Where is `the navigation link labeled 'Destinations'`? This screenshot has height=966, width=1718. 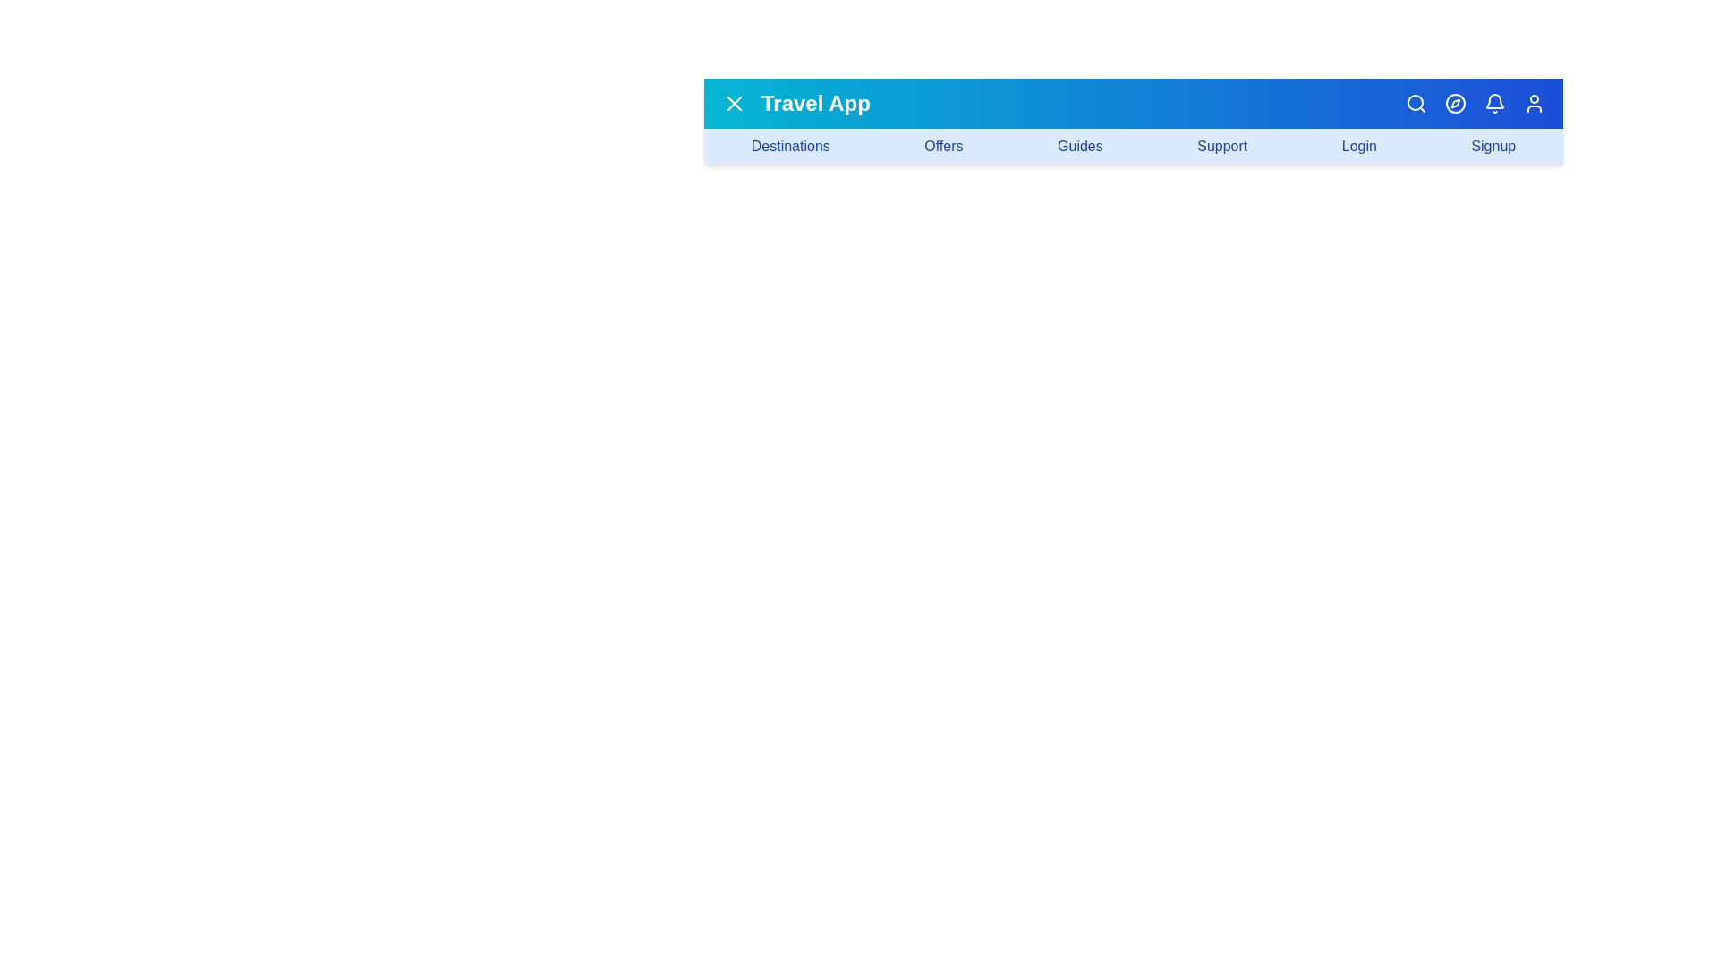 the navigation link labeled 'Destinations' is located at coordinates (789, 146).